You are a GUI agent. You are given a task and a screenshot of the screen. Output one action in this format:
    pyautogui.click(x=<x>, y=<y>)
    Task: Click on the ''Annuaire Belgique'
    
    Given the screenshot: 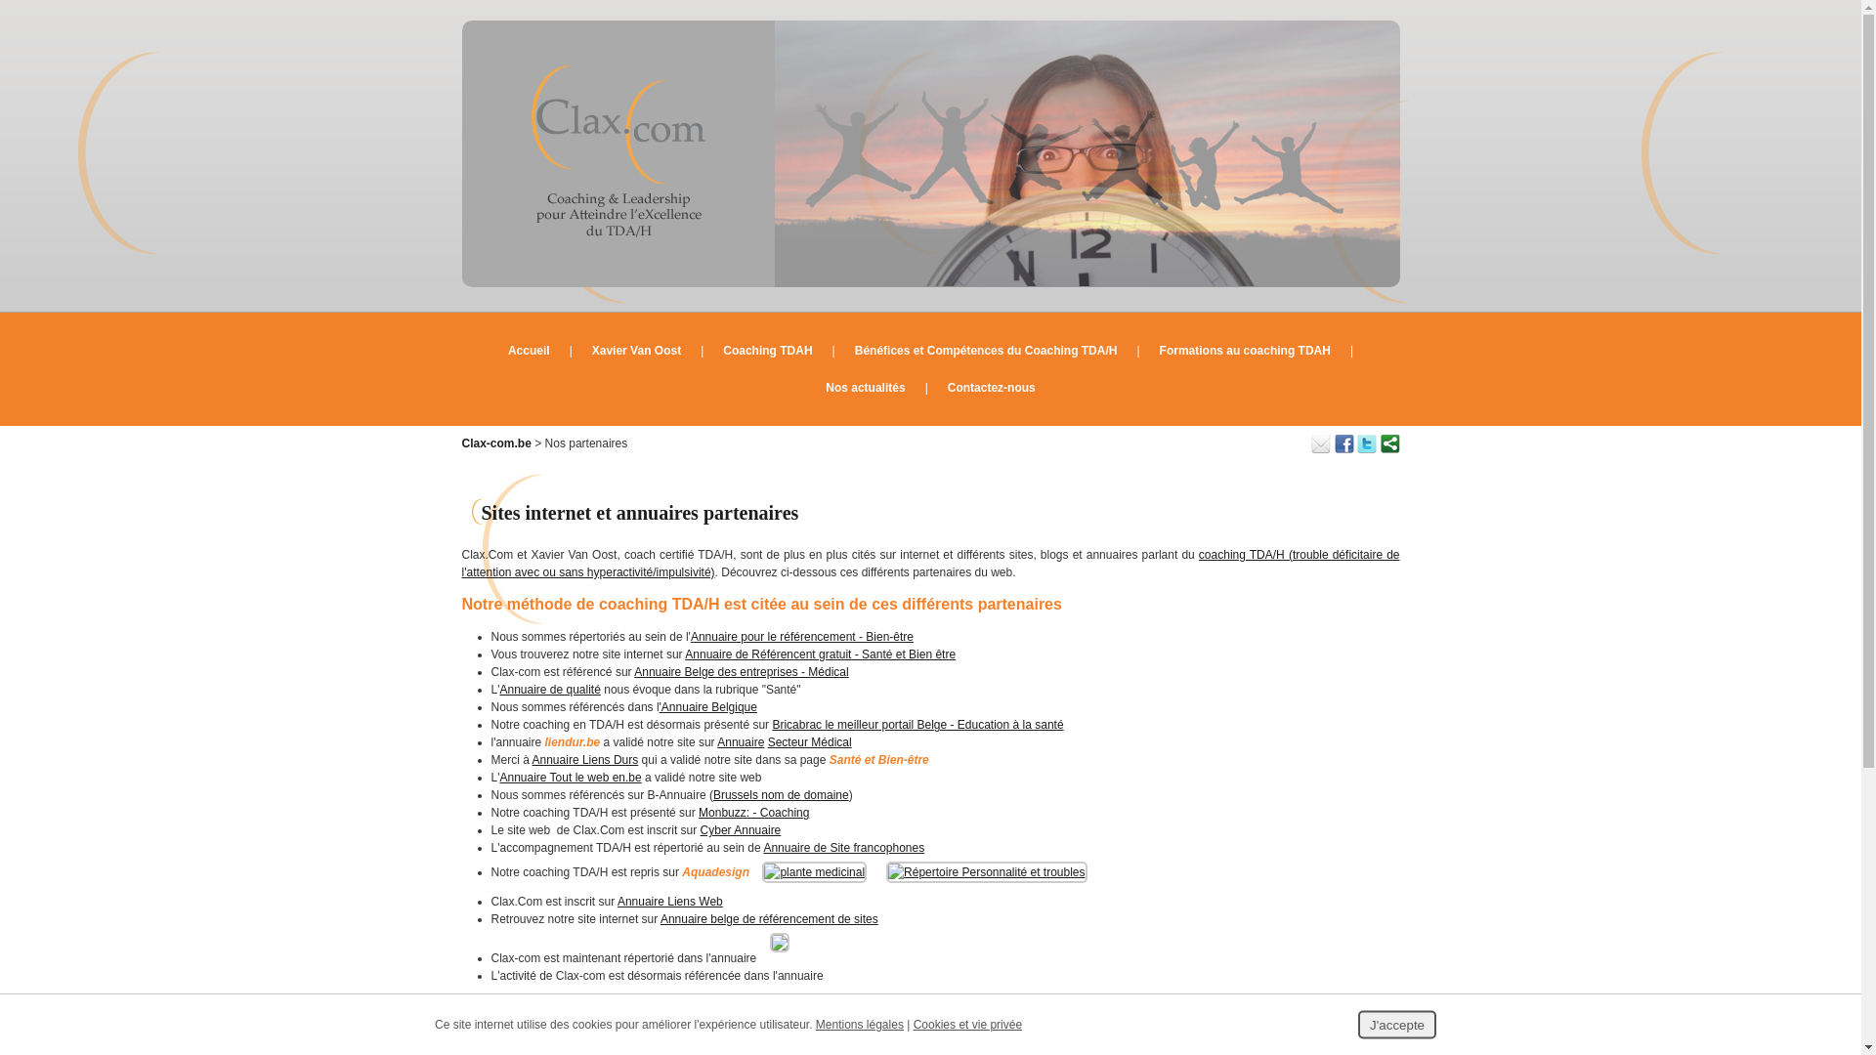 What is the action you would take?
    pyautogui.click(x=706, y=707)
    